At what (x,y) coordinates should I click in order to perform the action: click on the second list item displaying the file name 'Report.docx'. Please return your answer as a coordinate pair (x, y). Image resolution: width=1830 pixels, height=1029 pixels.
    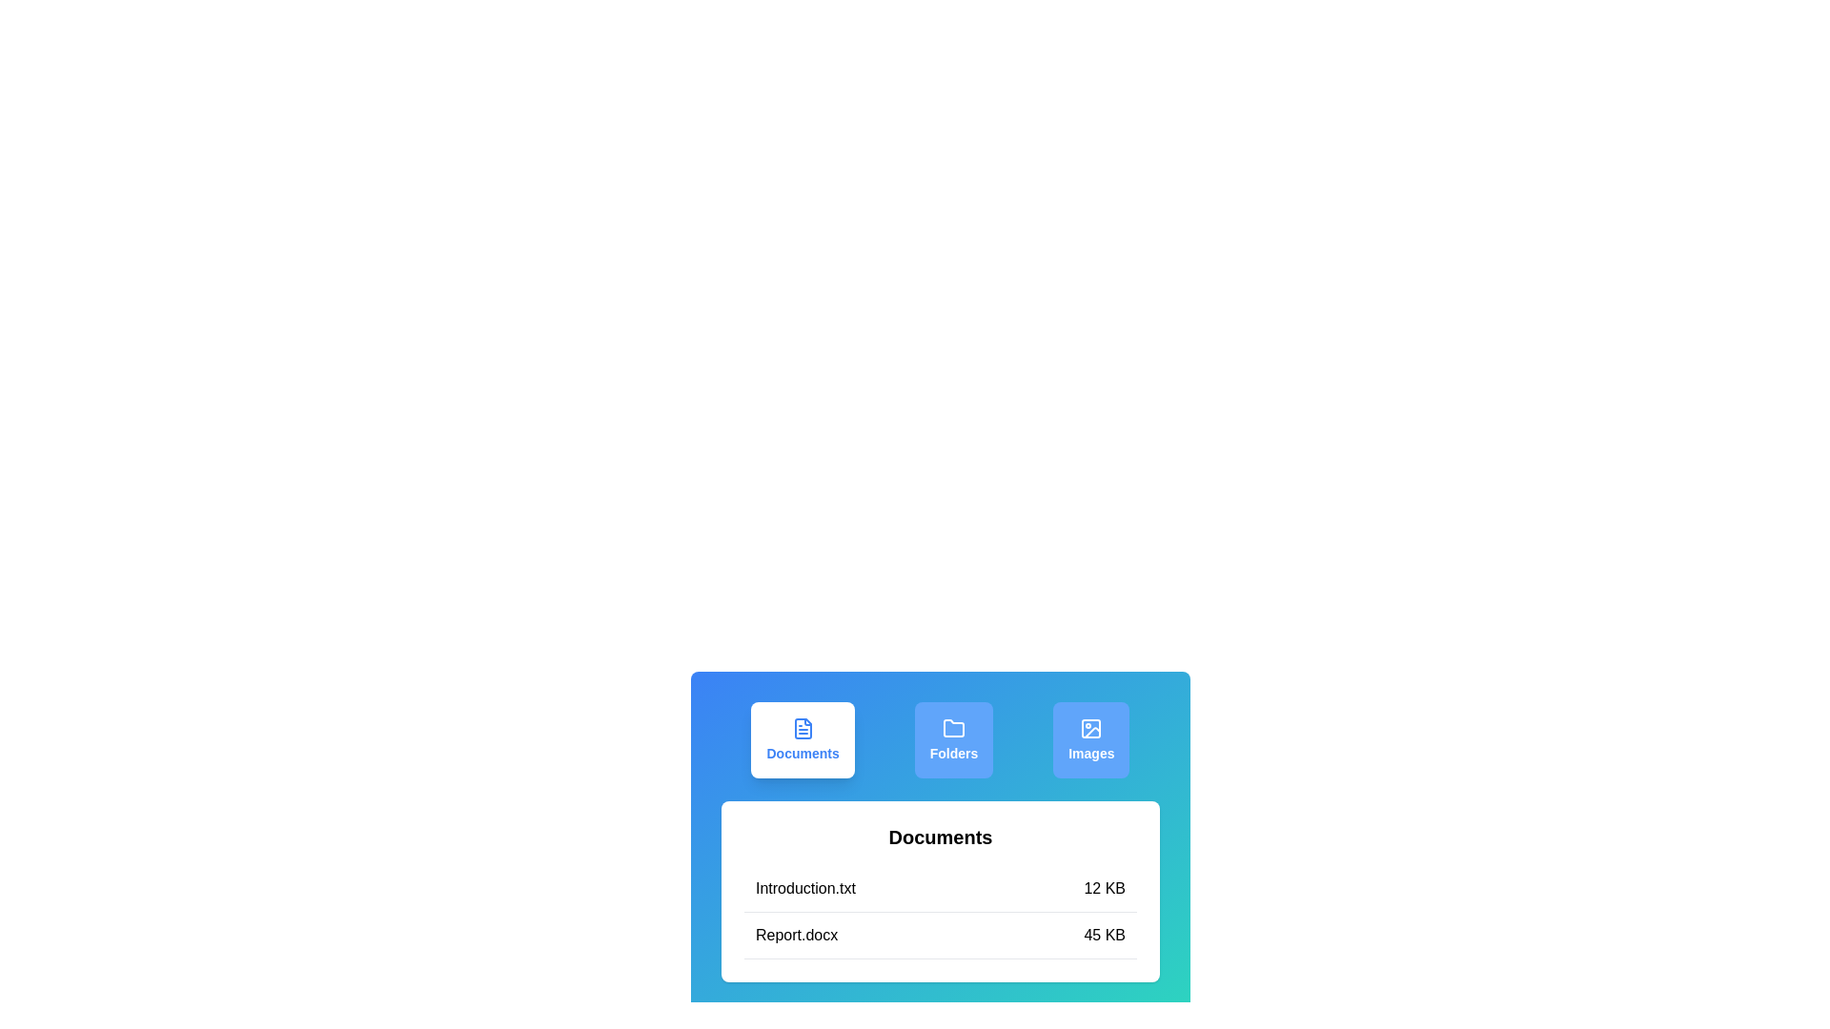
    Looking at the image, I should click on (941, 935).